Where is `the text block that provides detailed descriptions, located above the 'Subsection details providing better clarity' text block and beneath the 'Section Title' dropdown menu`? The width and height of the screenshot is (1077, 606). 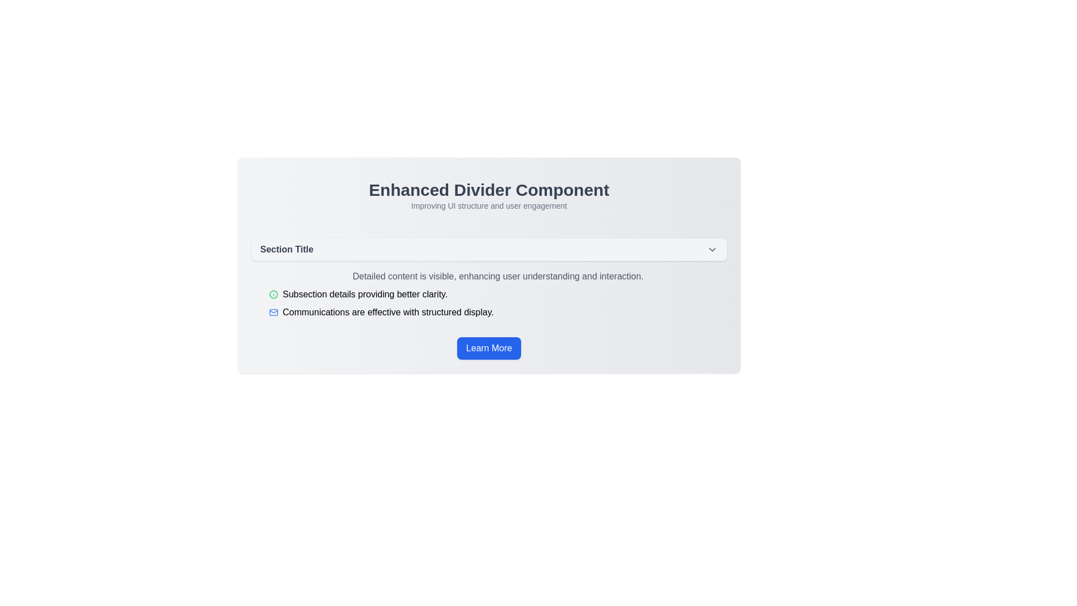
the text block that provides detailed descriptions, located above the 'Subsection details providing better clarity' text block and beneath the 'Section Title' dropdown menu is located at coordinates (498, 277).